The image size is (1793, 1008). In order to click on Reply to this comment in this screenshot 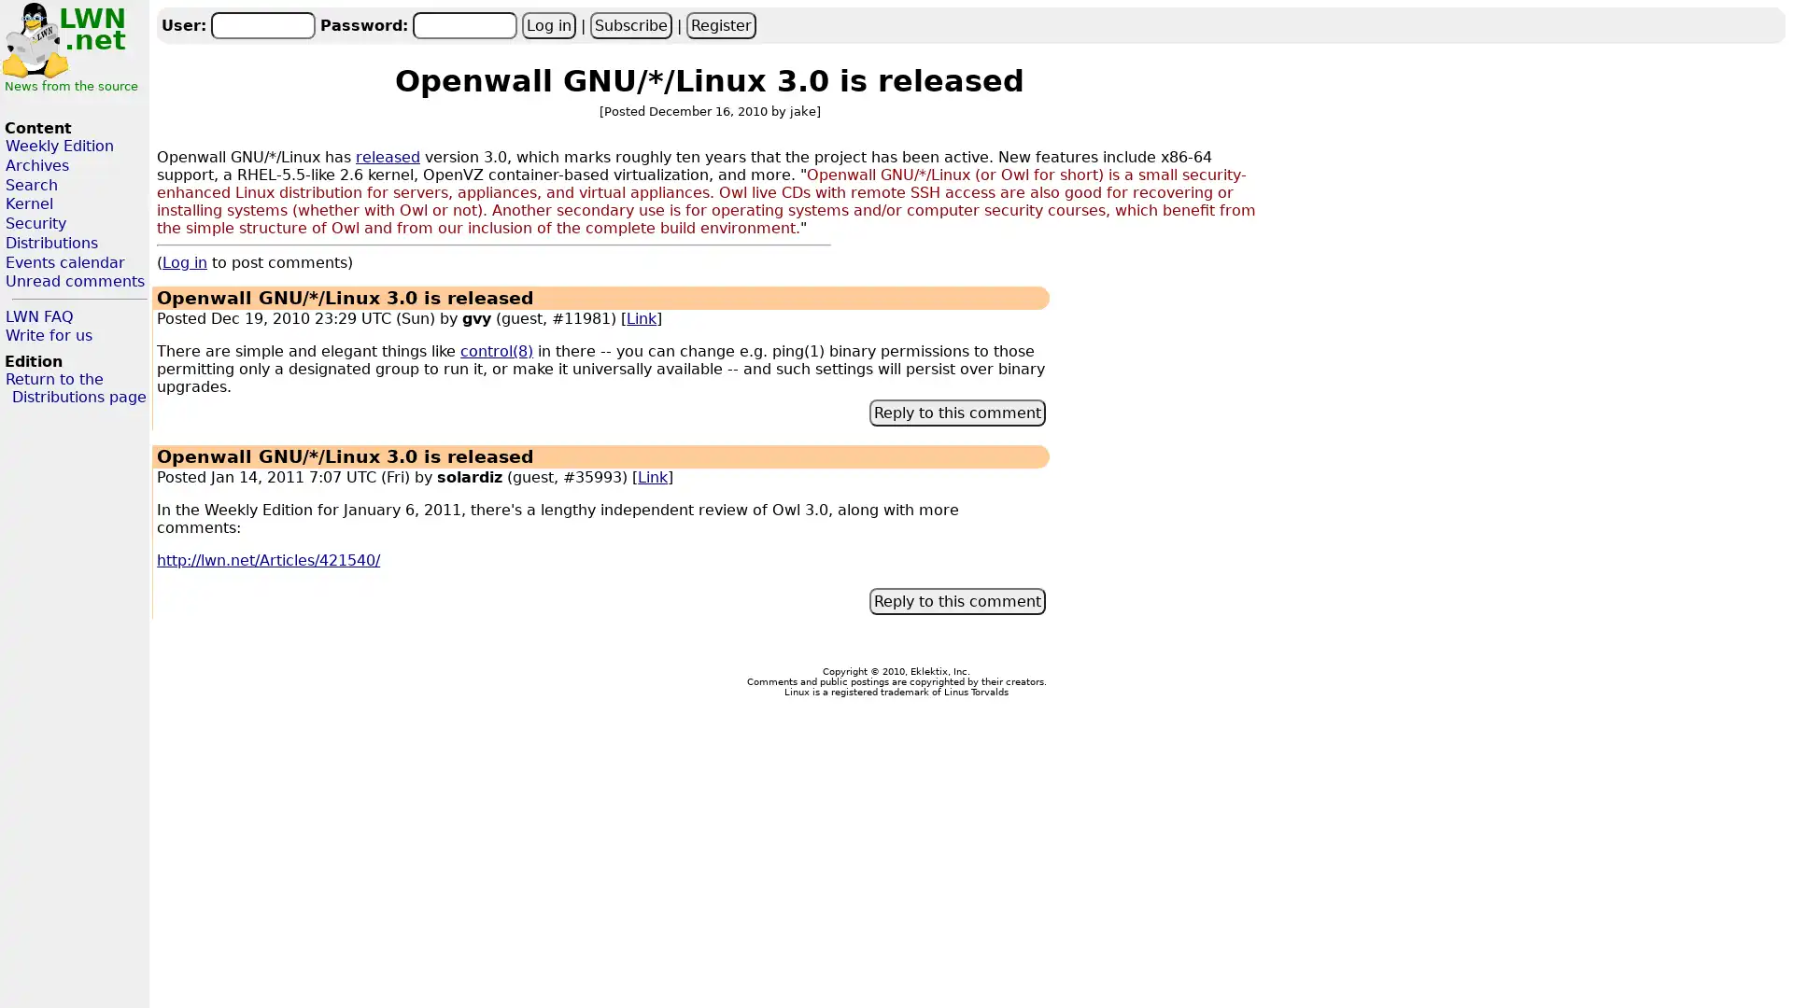, I will do `click(957, 412)`.